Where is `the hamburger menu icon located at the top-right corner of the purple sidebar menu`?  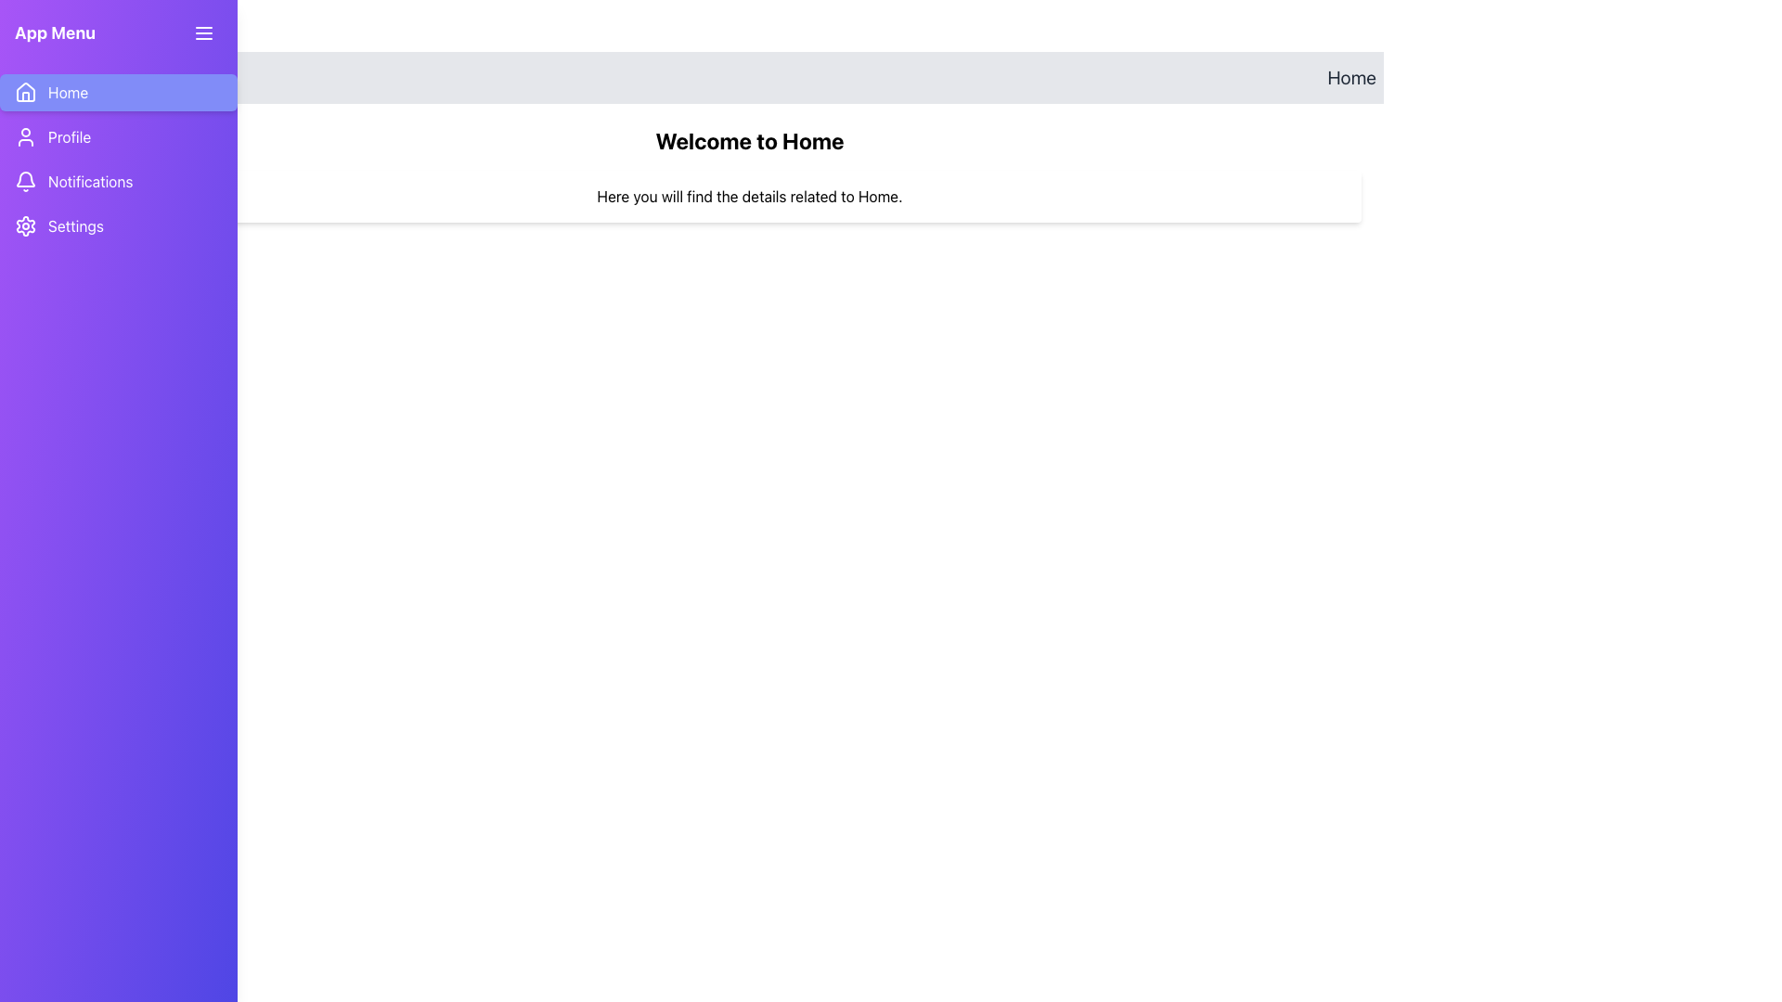 the hamburger menu icon located at the top-right corner of the purple sidebar menu is located at coordinates (204, 32).